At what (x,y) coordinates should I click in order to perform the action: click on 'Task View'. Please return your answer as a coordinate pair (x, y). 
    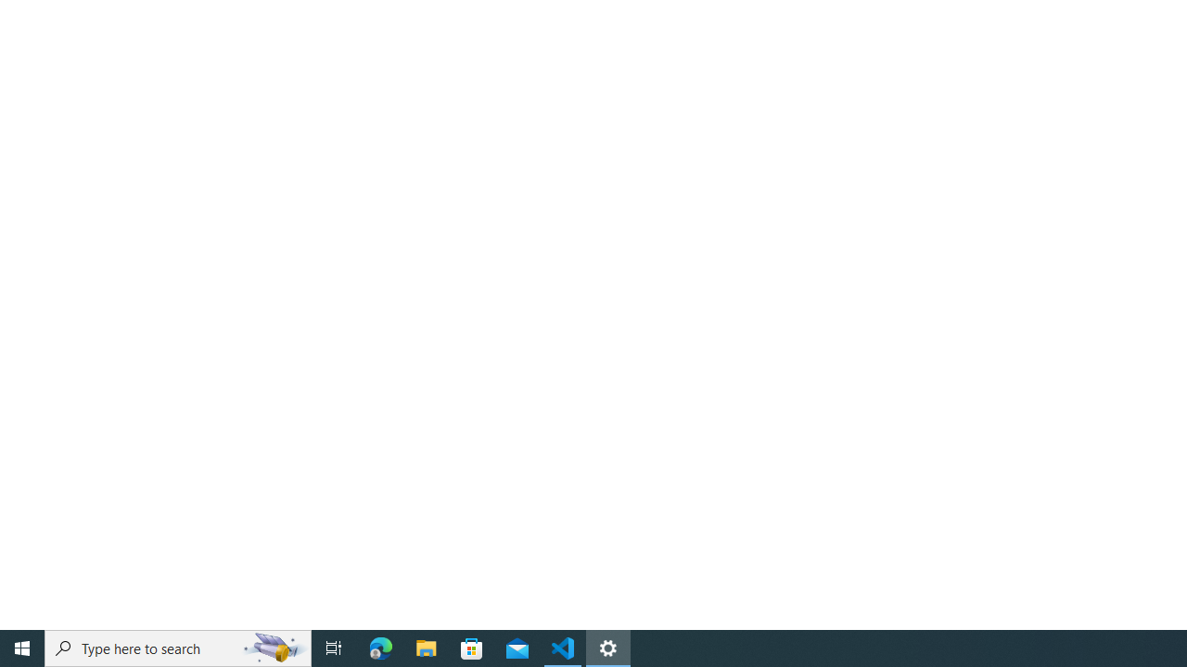
    Looking at the image, I should click on (333, 647).